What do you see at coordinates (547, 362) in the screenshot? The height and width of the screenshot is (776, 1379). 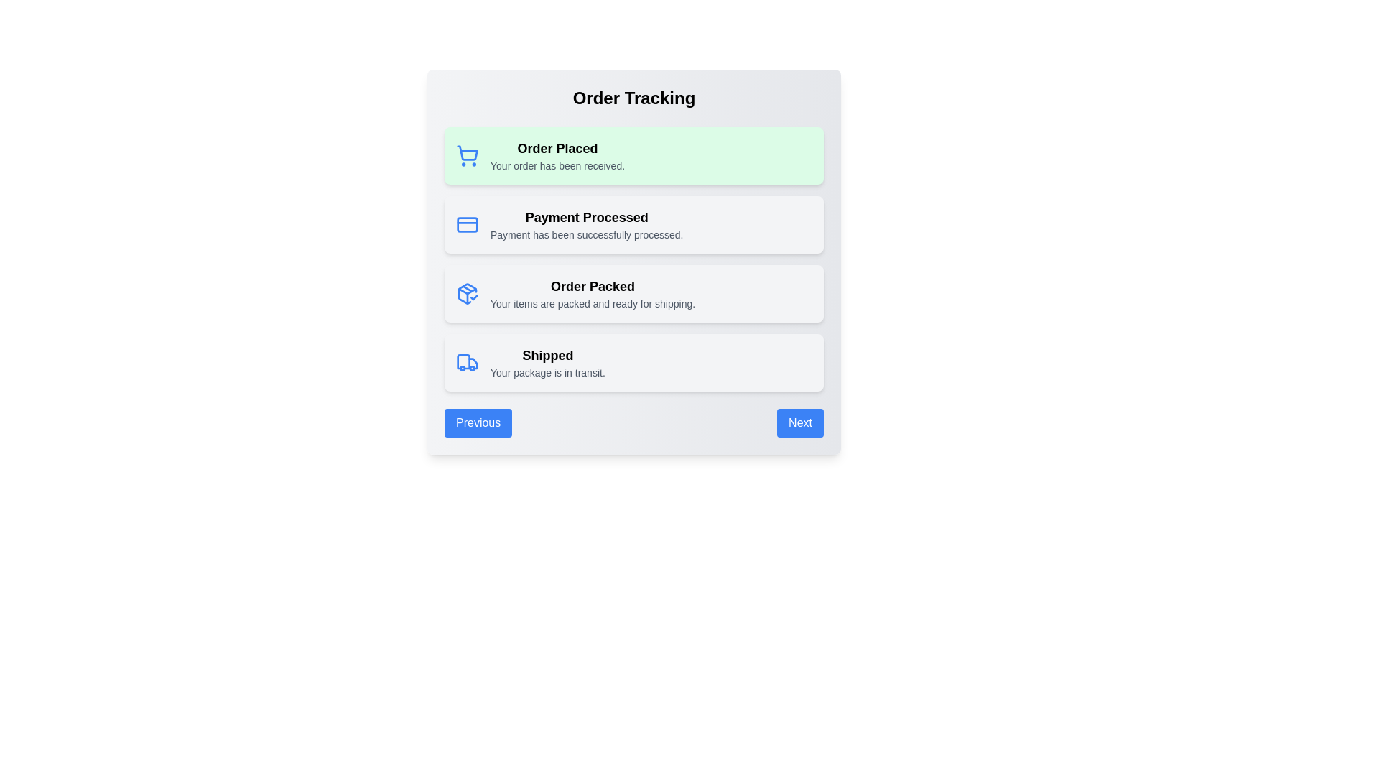 I see `the 'Shipped' text block which displays 'Your package is in transit.'` at bounding box center [547, 362].